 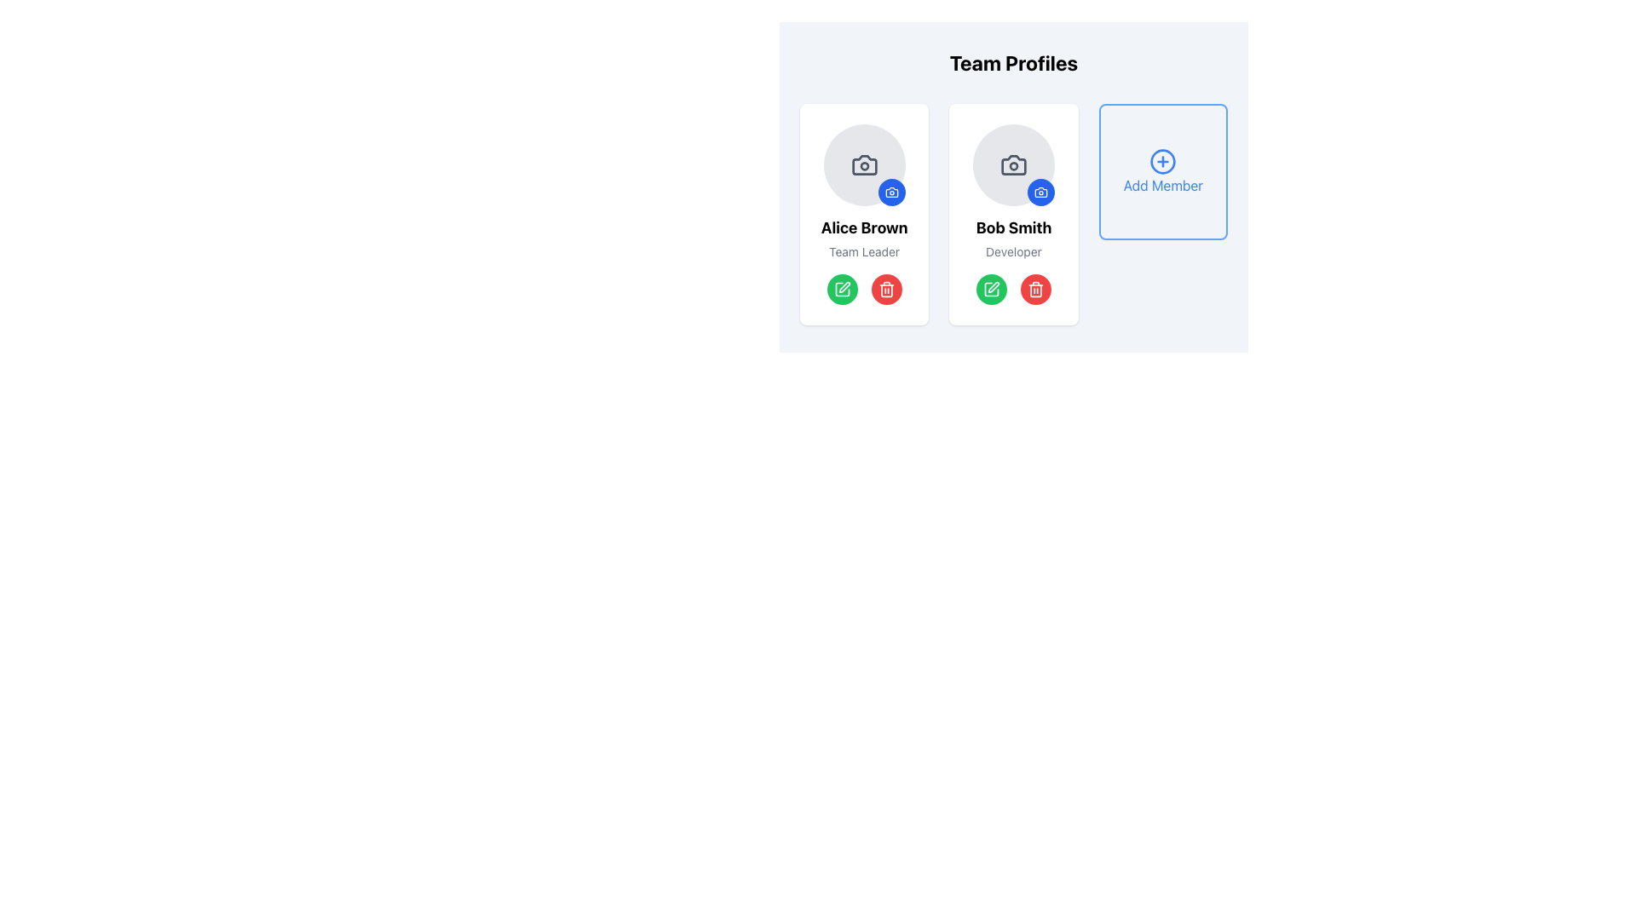 I want to click on the trash icon, so click(x=1034, y=290).